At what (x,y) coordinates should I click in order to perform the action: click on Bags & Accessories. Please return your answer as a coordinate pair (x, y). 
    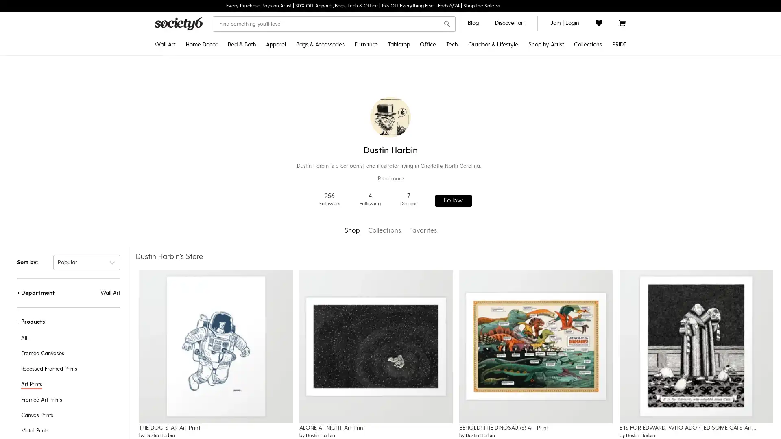
    Looking at the image, I should click on (320, 45).